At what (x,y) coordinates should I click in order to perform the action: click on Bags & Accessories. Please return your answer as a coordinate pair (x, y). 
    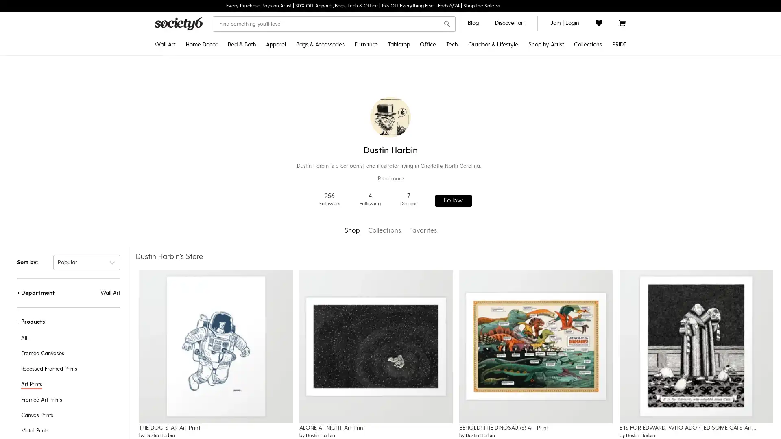
    Looking at the image, I should click on (320, 45).